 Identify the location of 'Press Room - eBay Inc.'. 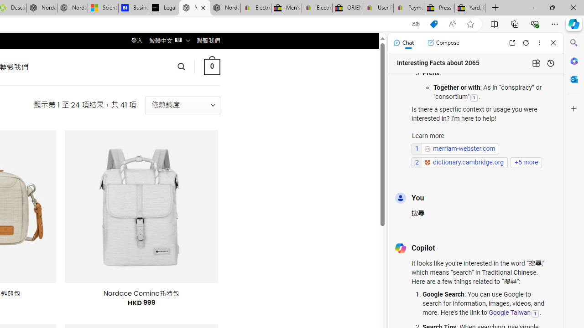
(439, 8).